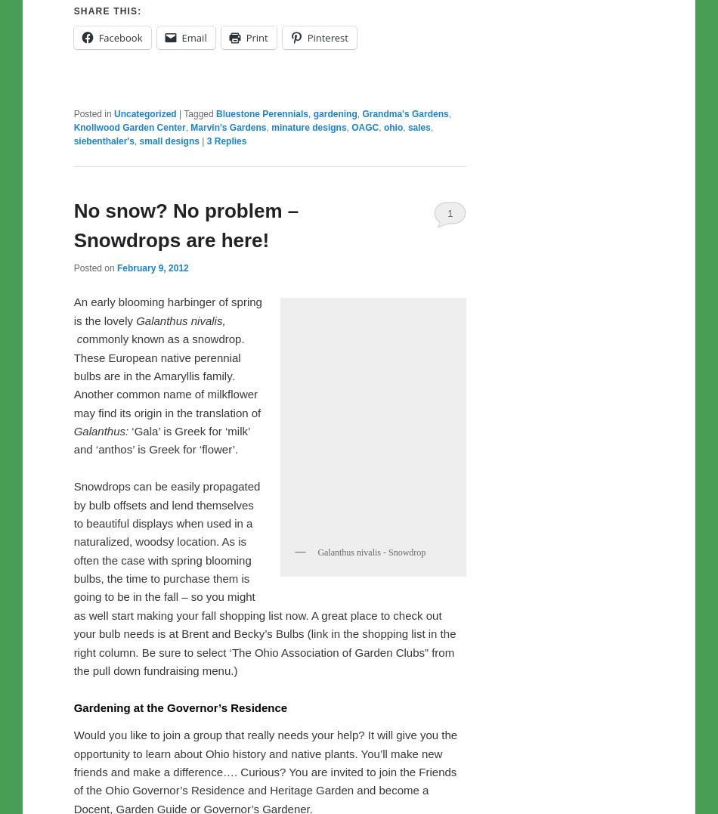  What do you see at coordinates (180, 744) in the screenshot?
I see `'Gardening at the Governor’s Residence'` at bounding box center [180, 744].